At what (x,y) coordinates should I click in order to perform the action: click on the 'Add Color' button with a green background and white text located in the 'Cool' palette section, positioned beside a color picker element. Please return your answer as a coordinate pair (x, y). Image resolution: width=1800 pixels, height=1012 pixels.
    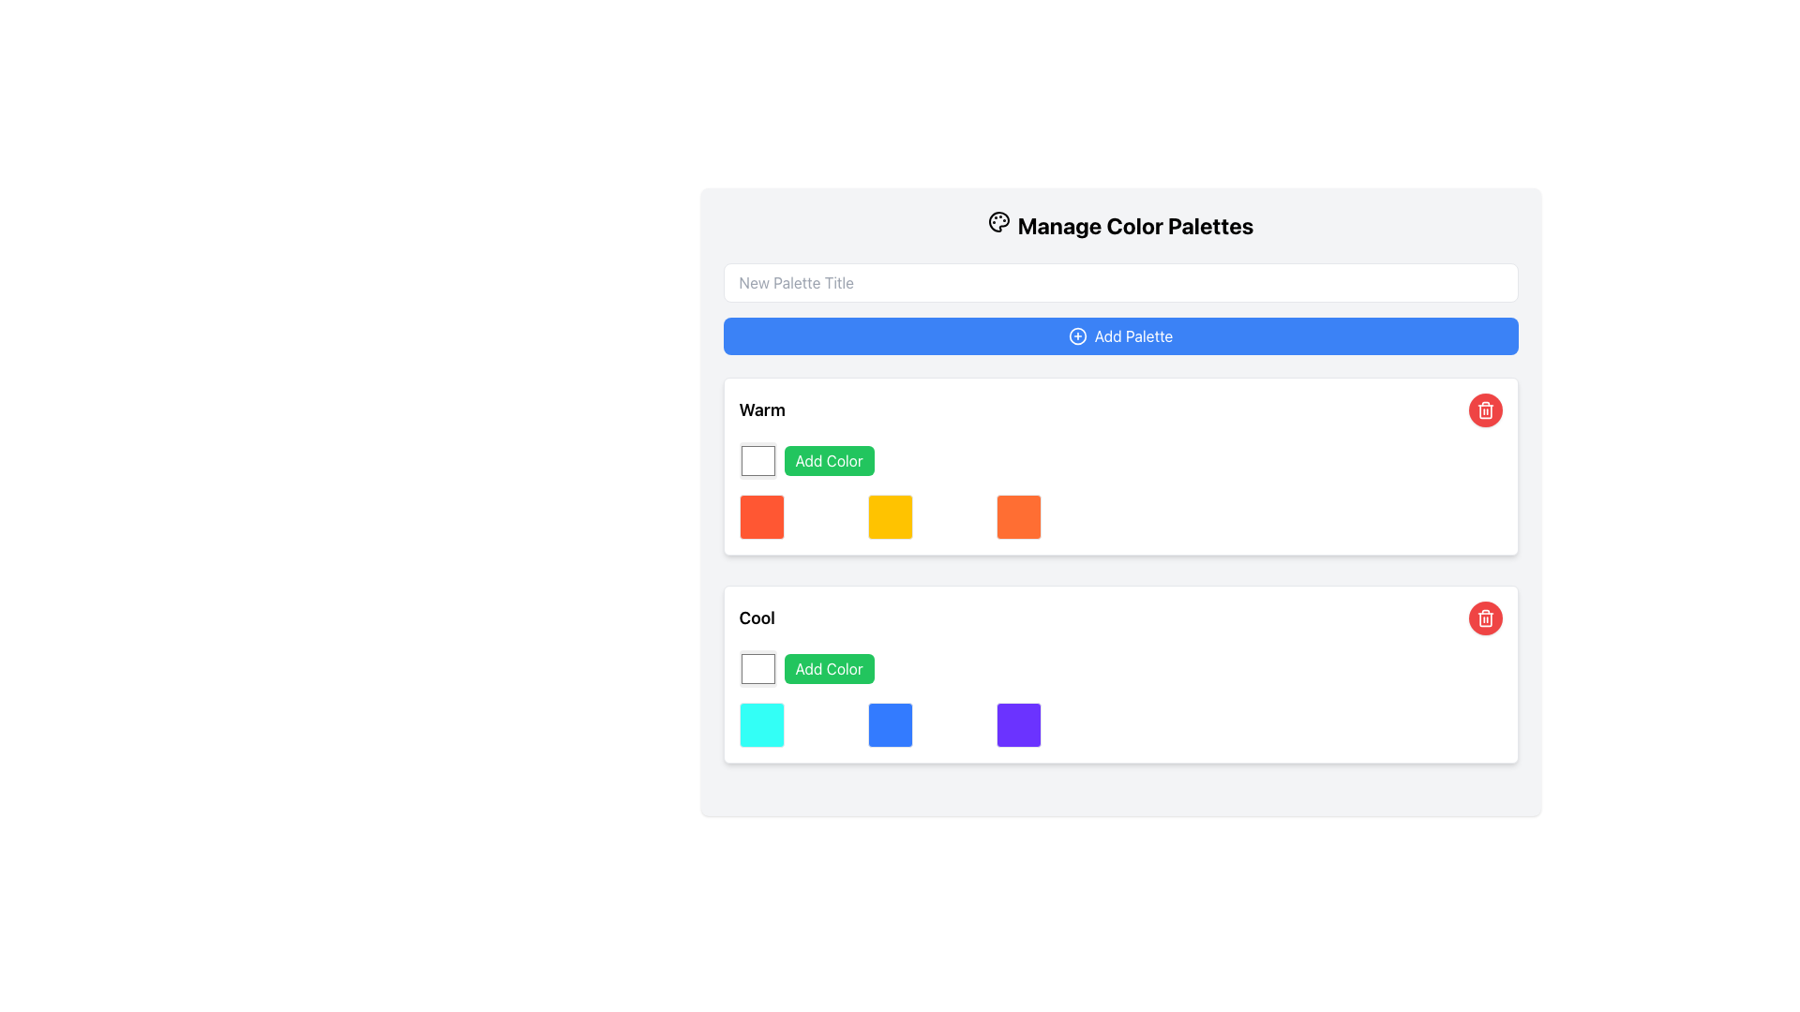
    Looking at the image, I should click on (828, 667).